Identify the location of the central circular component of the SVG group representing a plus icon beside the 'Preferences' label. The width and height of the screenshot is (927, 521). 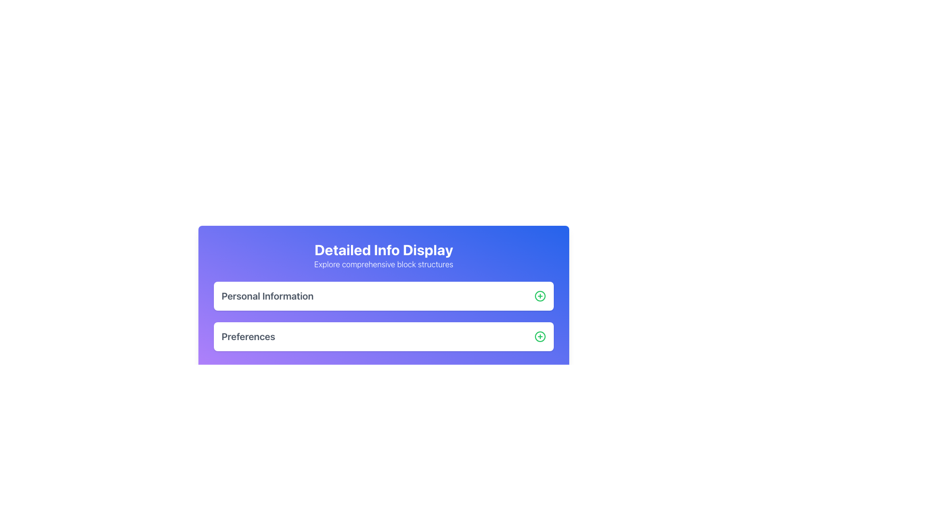
(539, 336).